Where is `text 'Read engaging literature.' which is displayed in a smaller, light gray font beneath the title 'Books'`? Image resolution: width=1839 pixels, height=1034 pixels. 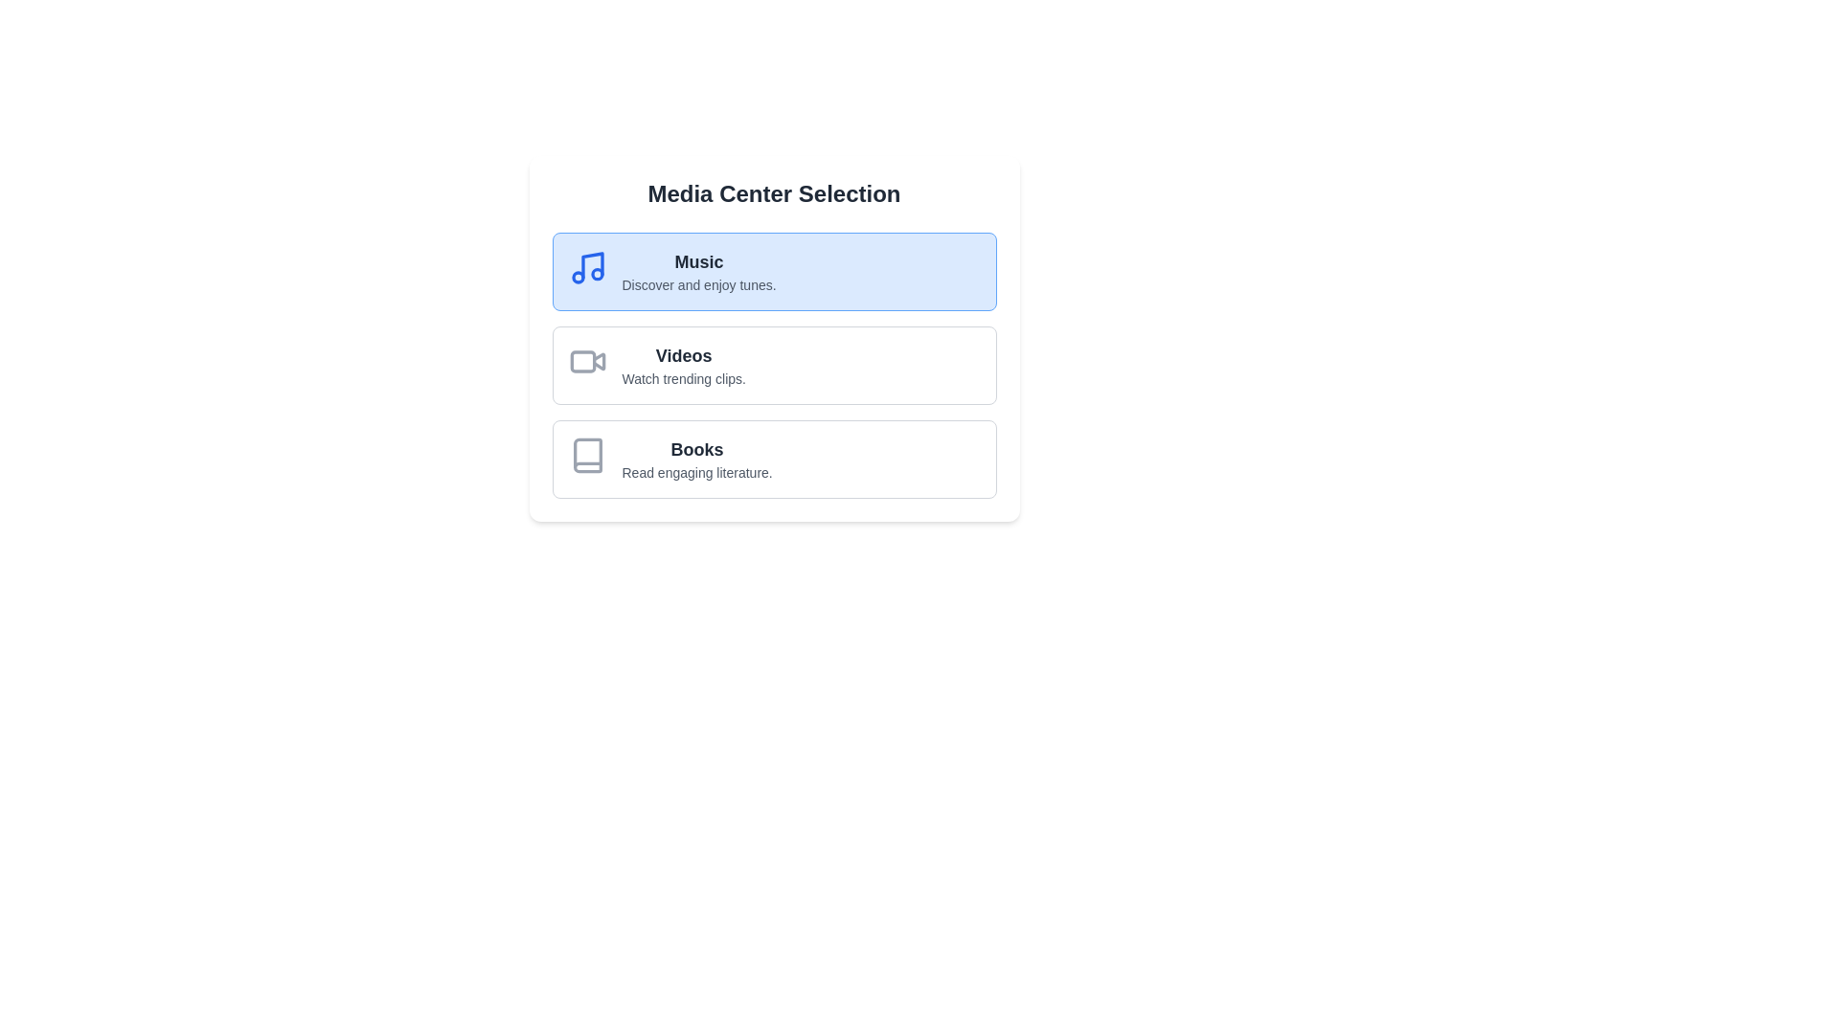 text 'Read engaging literature.' which is displayed in a smaller, light gray font beneath the title 'Books' is located at coordinates (696, 472).